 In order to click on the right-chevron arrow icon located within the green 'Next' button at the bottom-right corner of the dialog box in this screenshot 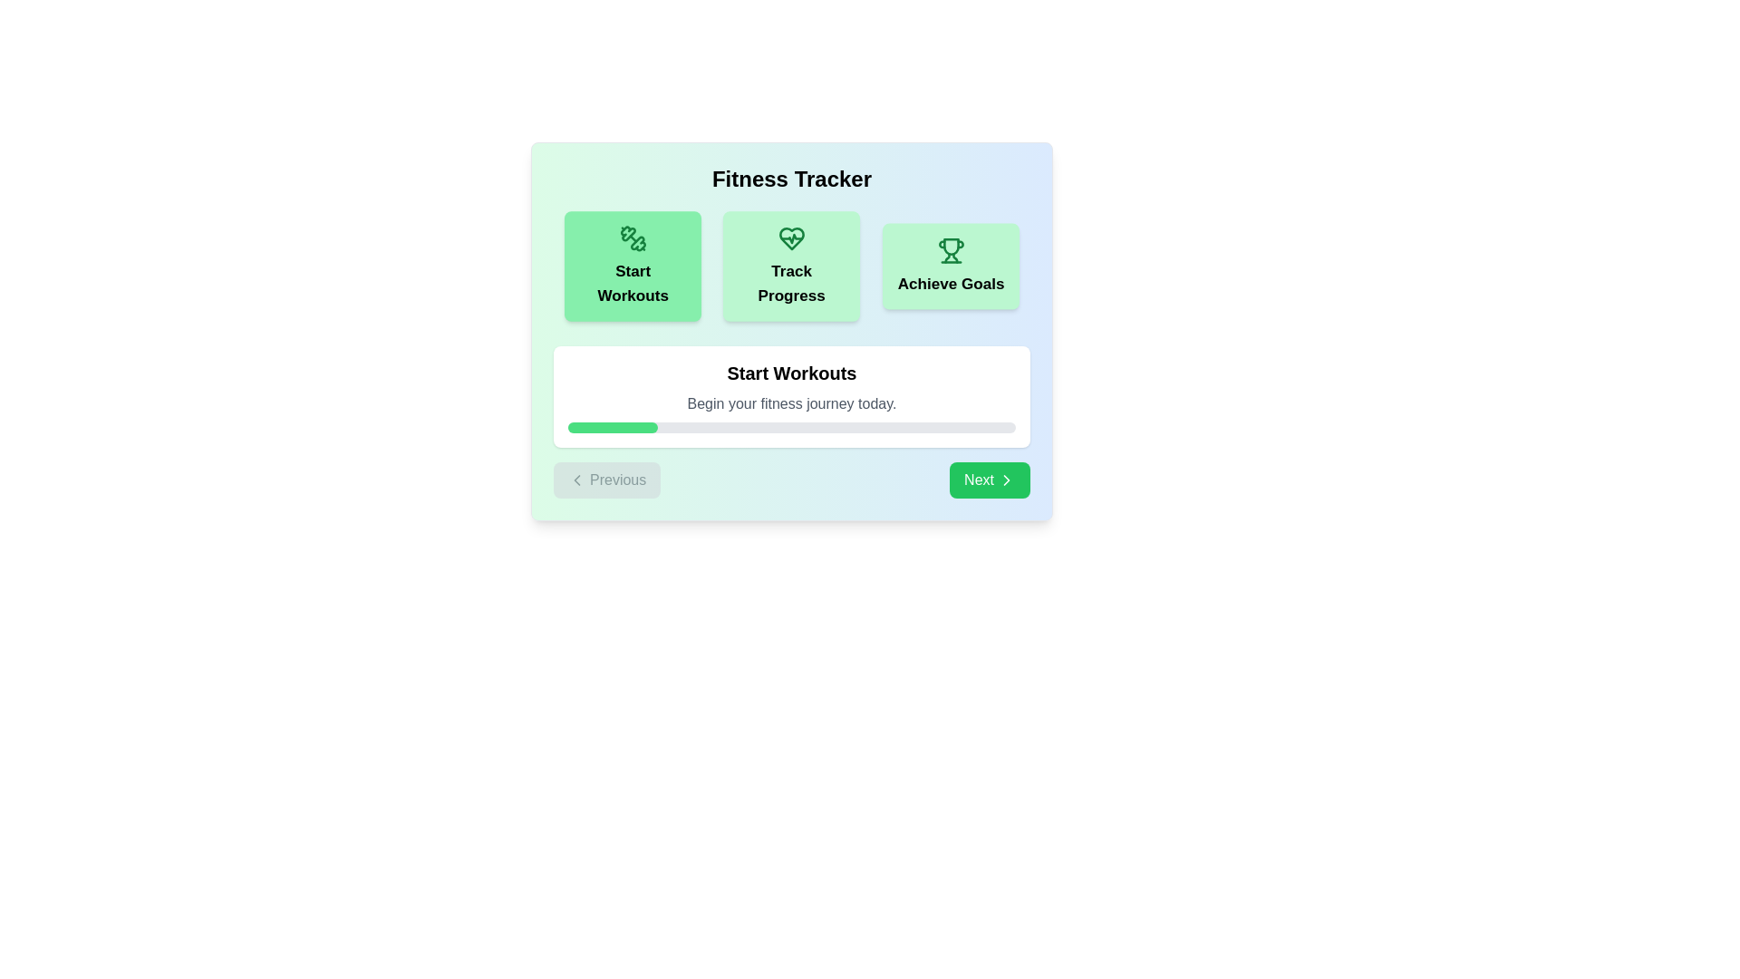, I will do `click(1005, 479)`.